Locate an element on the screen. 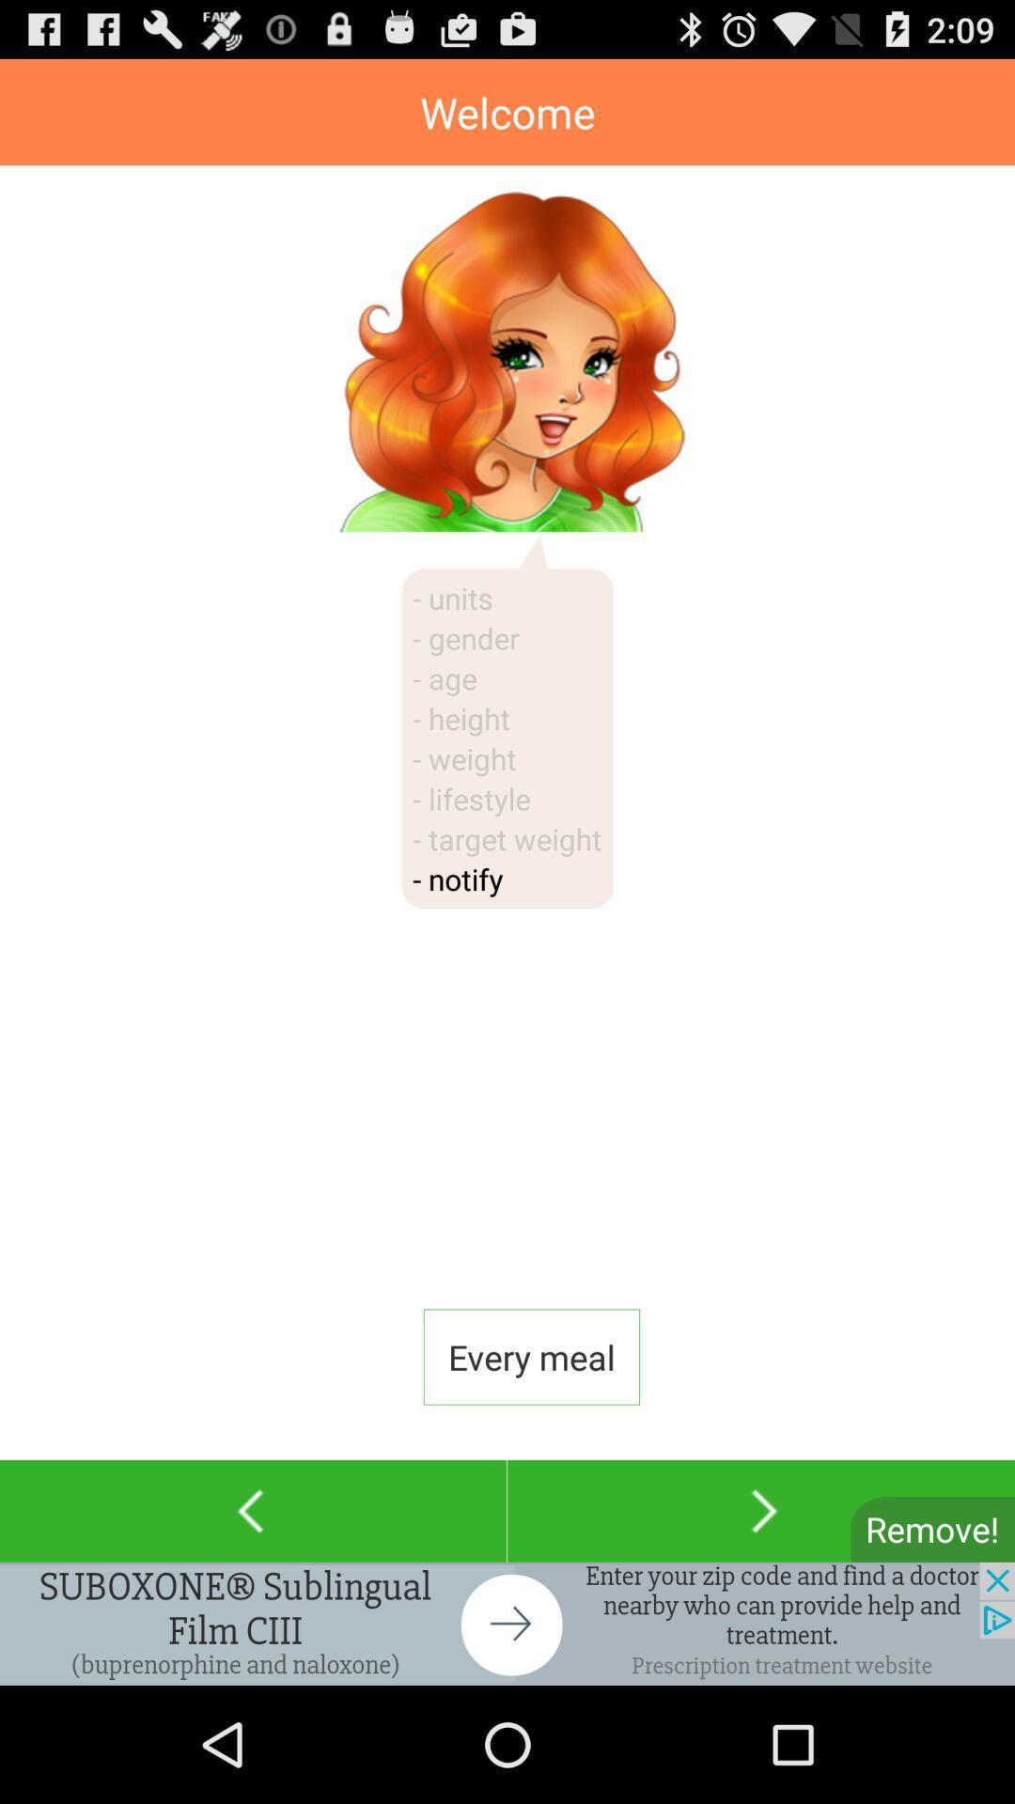 Image resolution: width=1015 pixels, height=1804 pixels. previous page is located at coordinates (252, 1511).